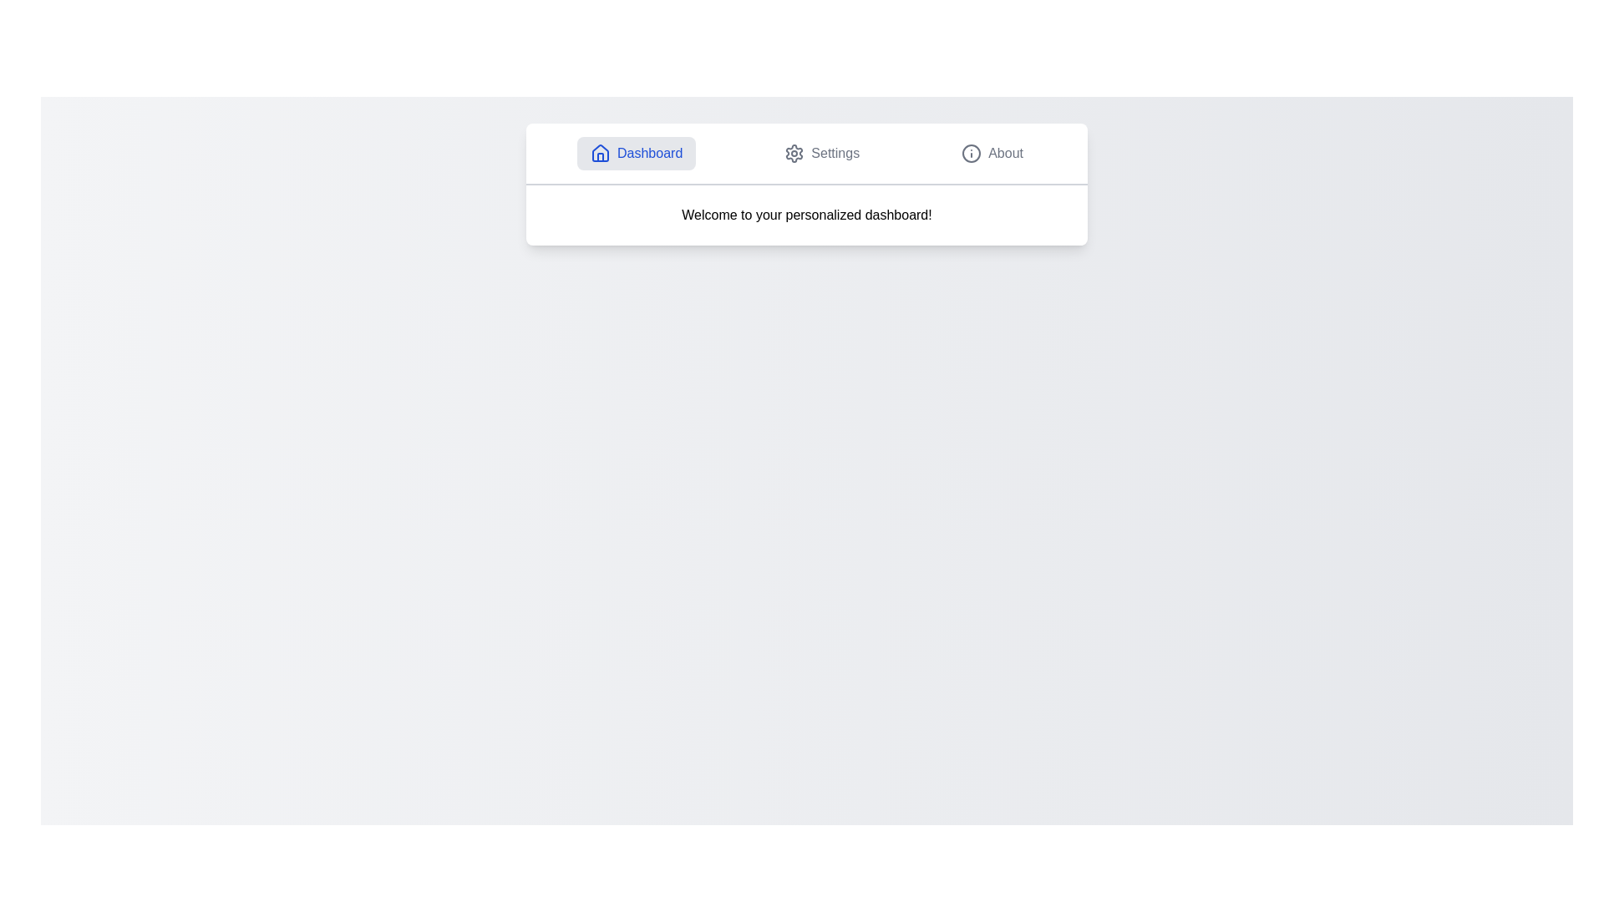 Image resolution: width=1604 pixels, height=902 pixels. Describe the element at coordinates (992, 154) in the screenshot. I see `the About tab by clicking on its button` at that location.